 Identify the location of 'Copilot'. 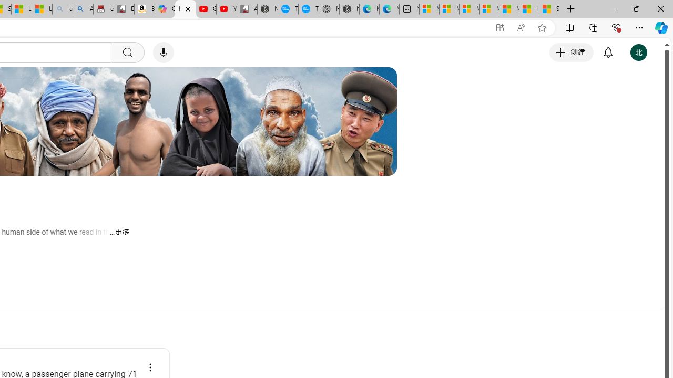
(164, 9).